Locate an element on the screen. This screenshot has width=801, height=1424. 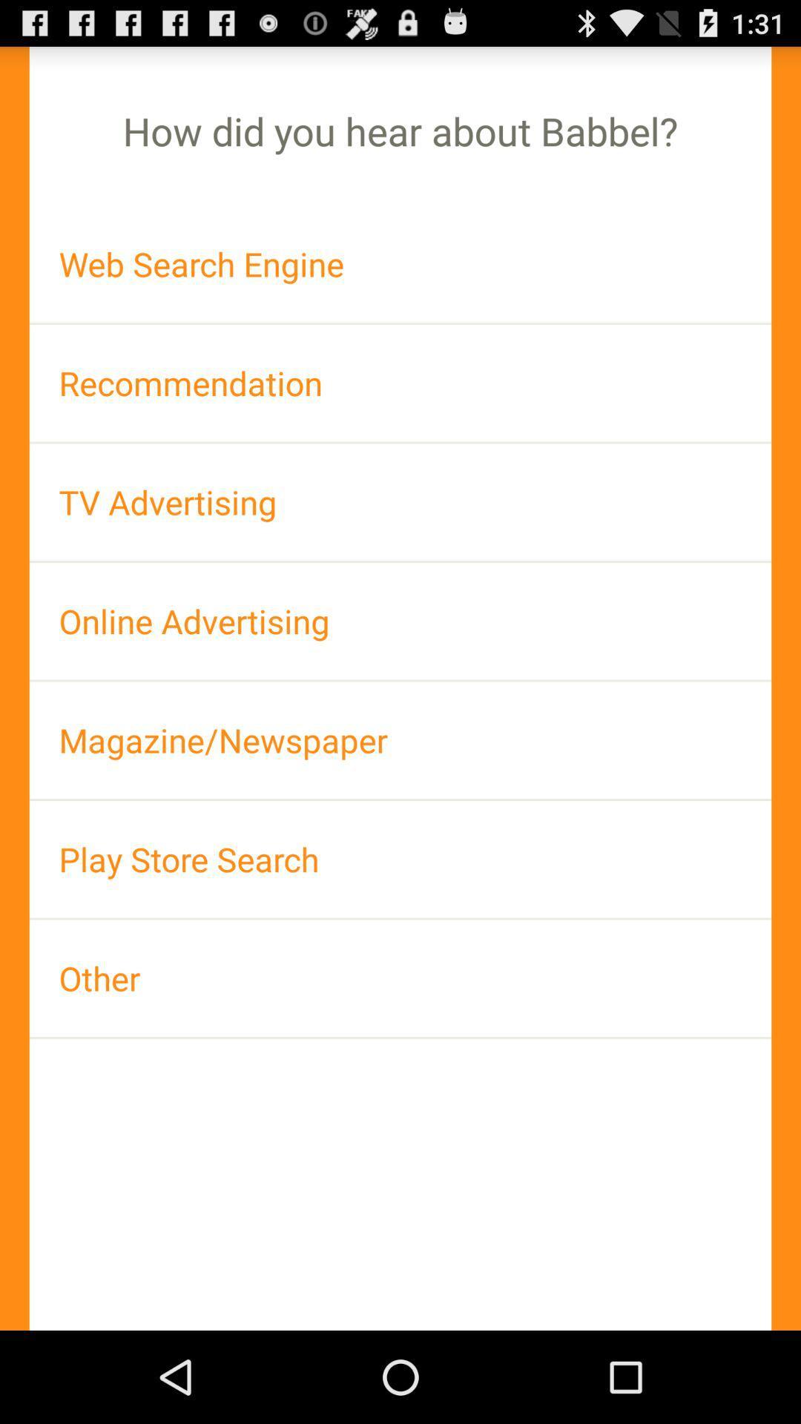
app above the play store search item is located at coordinates (400, 740).